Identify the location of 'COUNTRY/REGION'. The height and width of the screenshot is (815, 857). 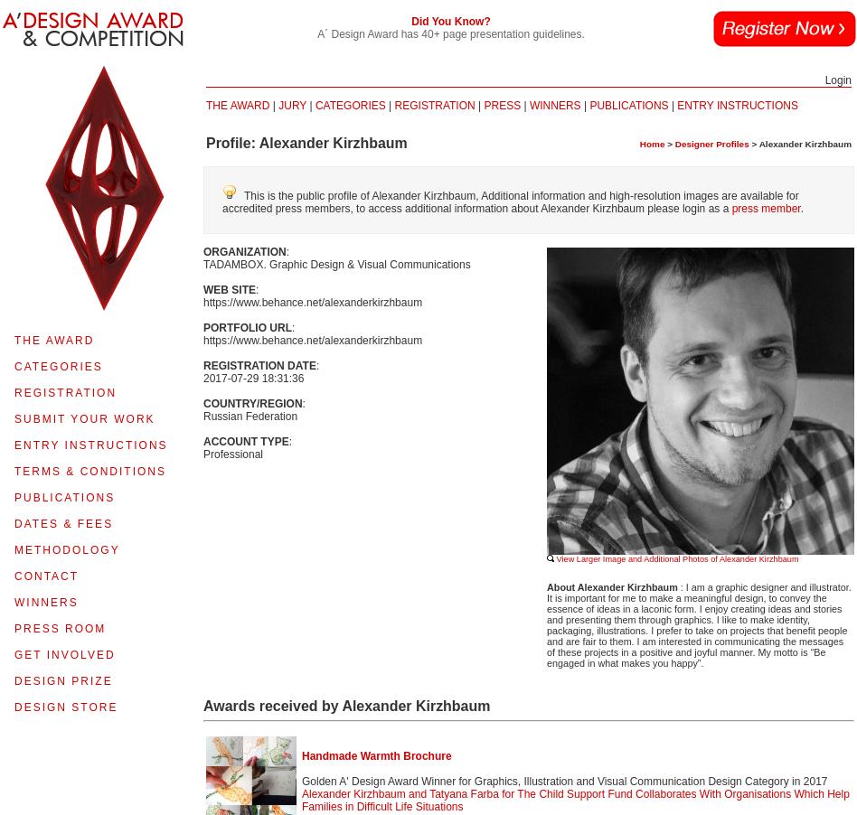
(252, 404).